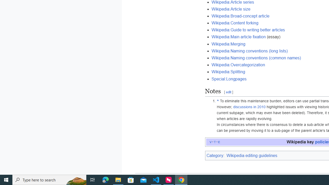 This screenshot has height=185, width=329. Describe the element at coordinates (240, 16) in the screenshot. I see `'Wikipedia:Broad-concept article'` at that location.